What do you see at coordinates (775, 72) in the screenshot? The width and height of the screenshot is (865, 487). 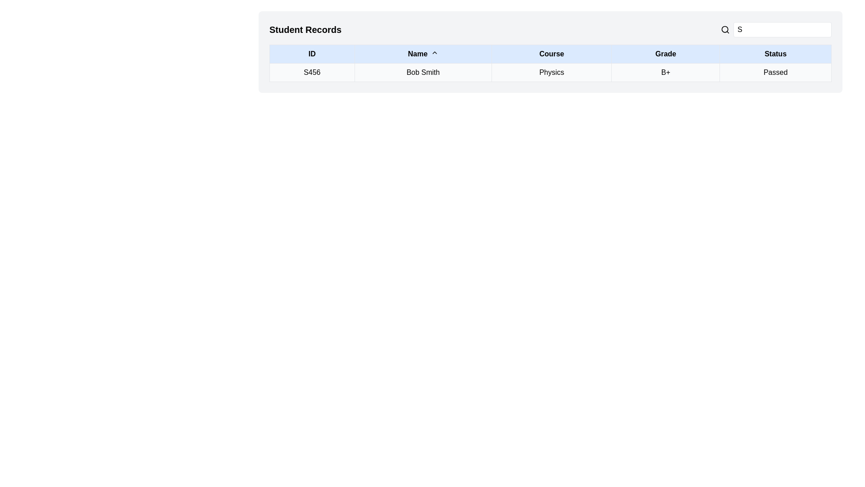 I see `the static text element displaying 'Passed' in the last column of the 'Student Records' table` at bounding box center [775, 72].